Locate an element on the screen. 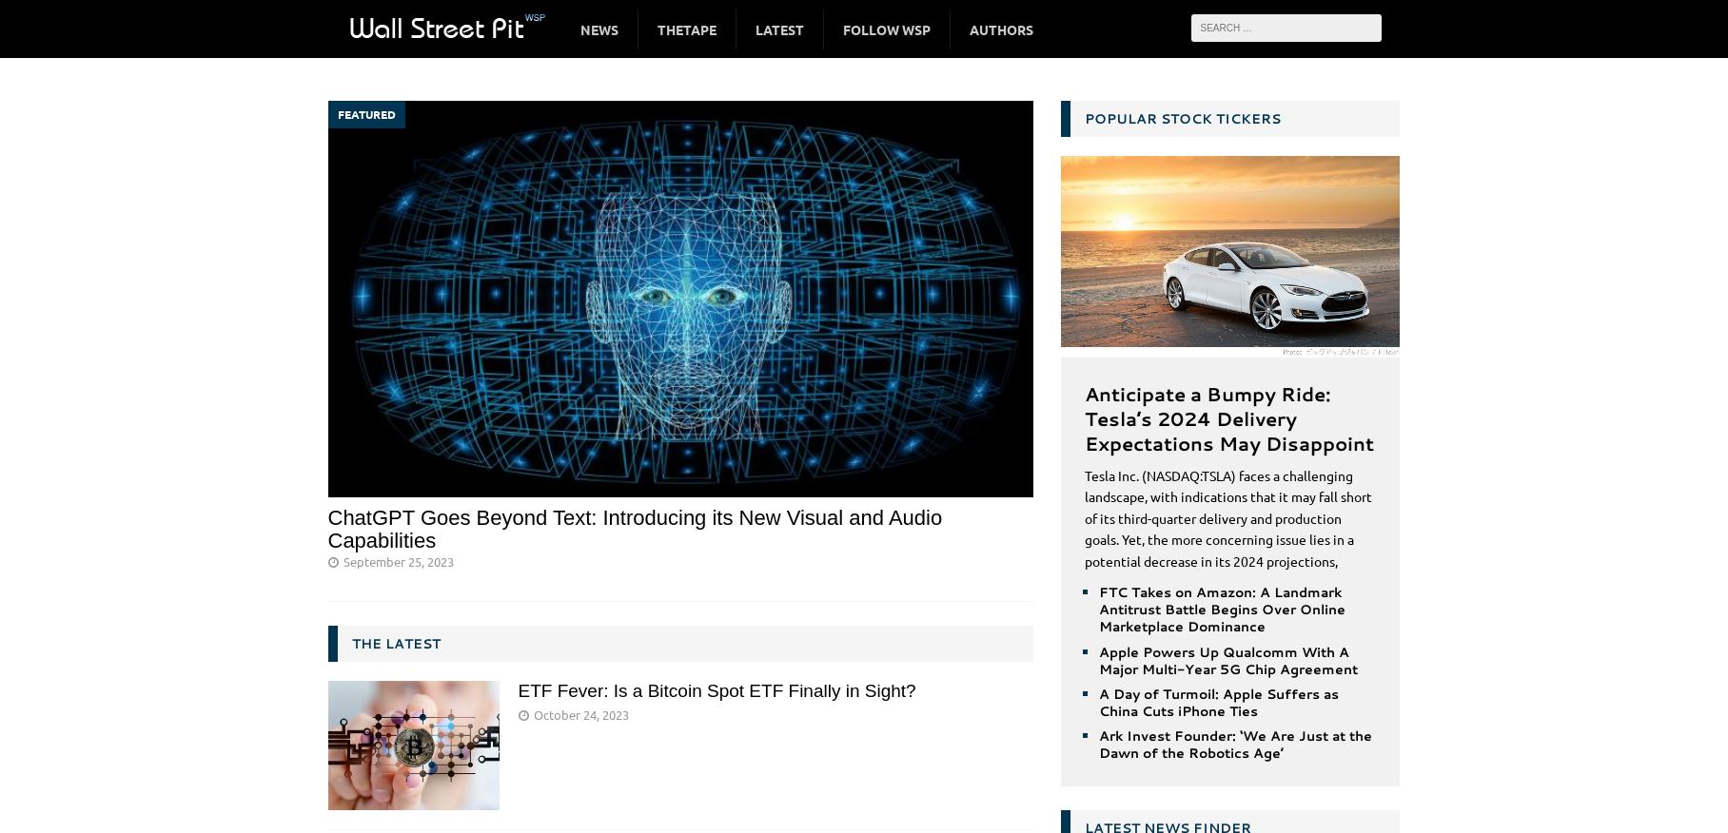  'The Latest' is located at coordinates (394, 642).